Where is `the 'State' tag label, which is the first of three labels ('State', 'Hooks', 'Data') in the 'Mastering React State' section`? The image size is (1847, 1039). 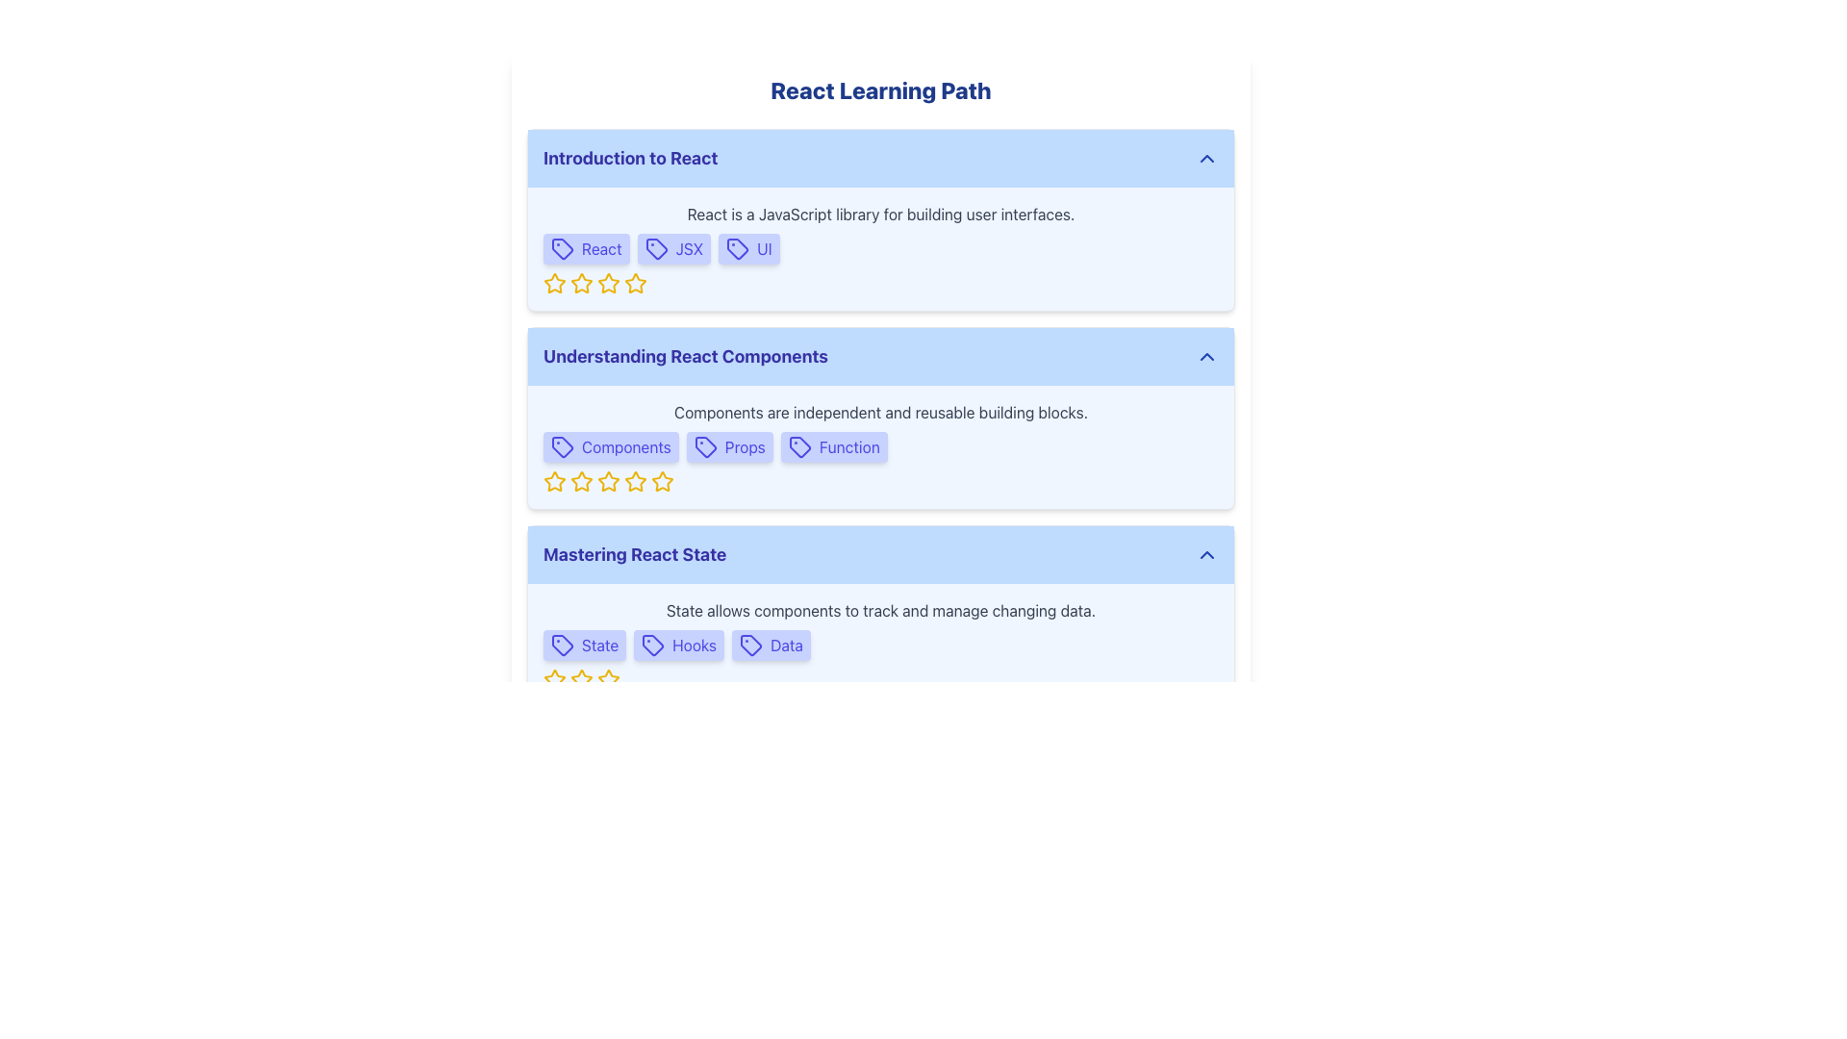
the 'State' tag label, which is the first of three labels ('State', 'Hooks', 'Data') in the 'Mastering React State' section is located at coordinates (584, 646).